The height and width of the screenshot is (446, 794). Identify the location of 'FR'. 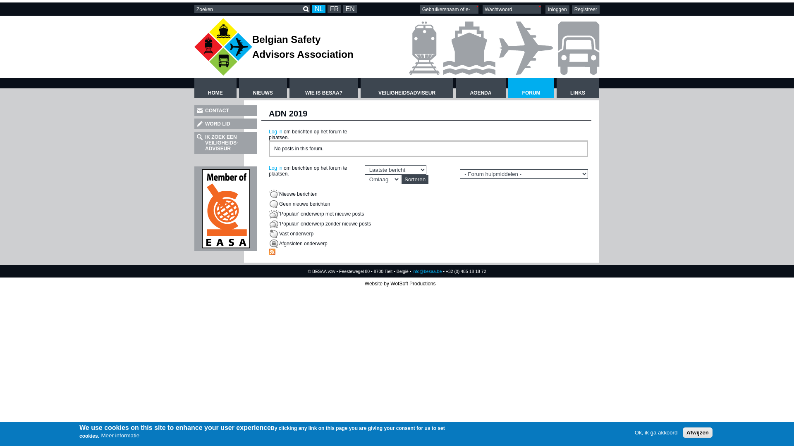
(334, 9).